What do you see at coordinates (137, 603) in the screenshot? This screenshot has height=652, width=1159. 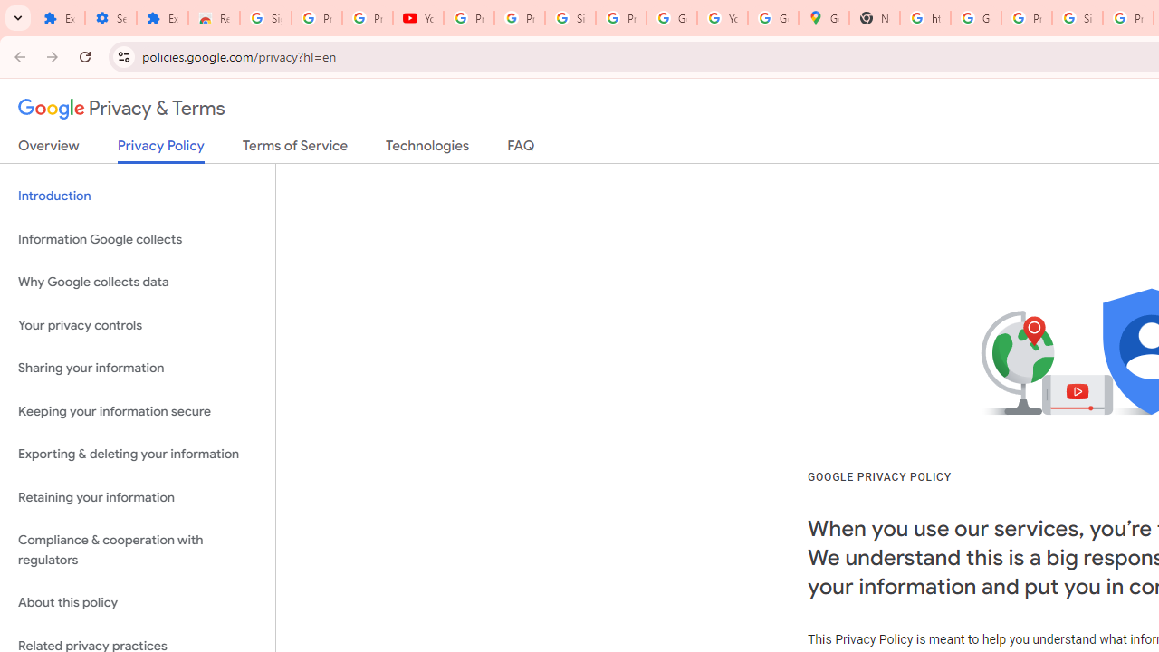 I see `'About this policy'` at bounding box center [137, 603].